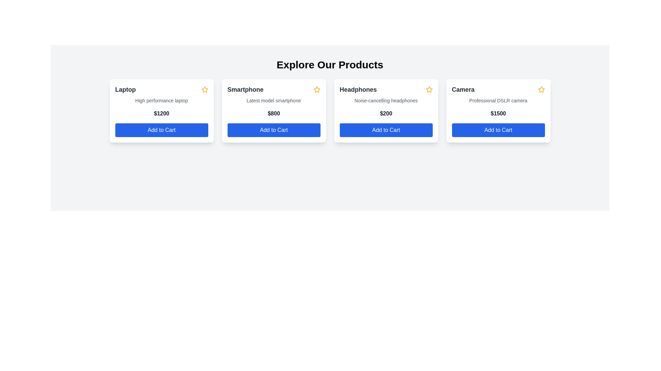 This screenshot has width=661, height=371. Describe the element at coordinates (498, 113) in the screenshot. I see `the price display text element for the 'Camera' product, which shows a cost of '$1500' and is positioned between the product description and the 'Add to Cart' button` at that location.